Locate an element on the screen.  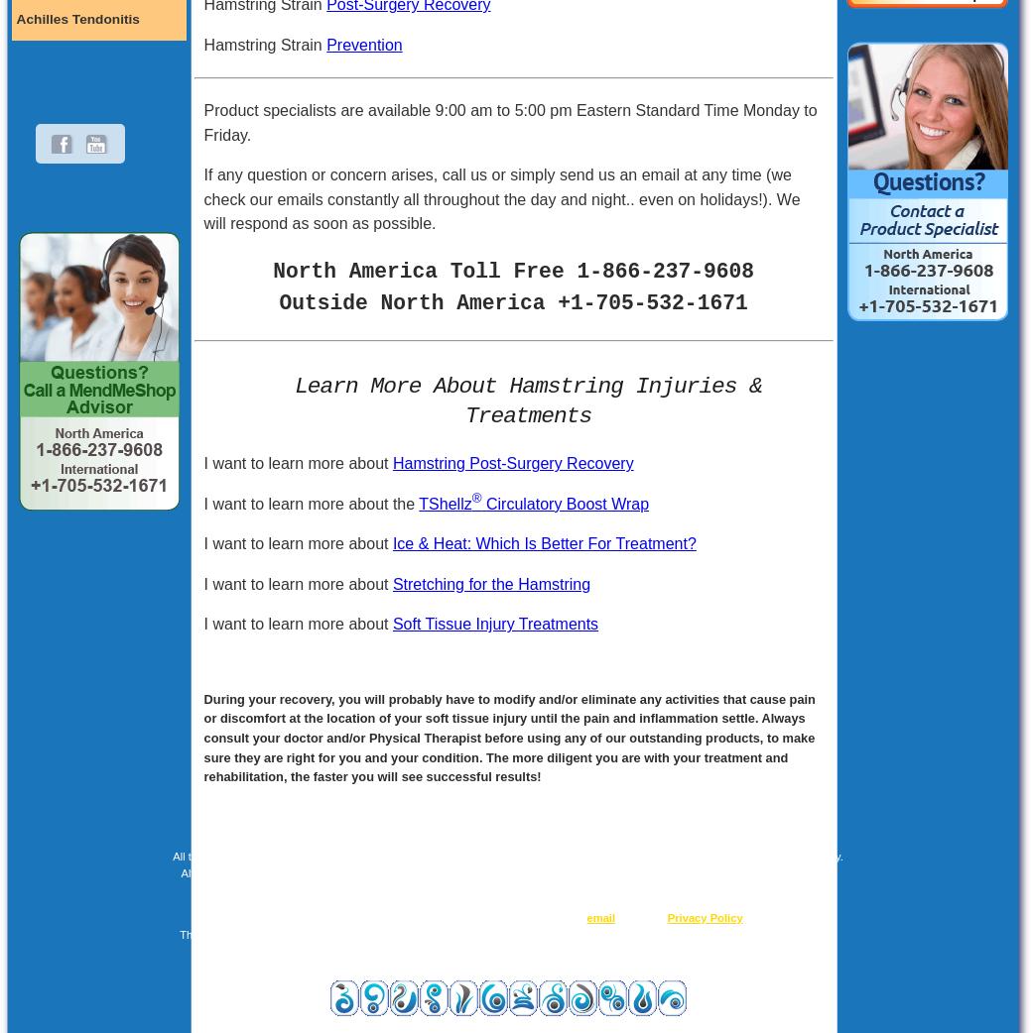
'are registered trademarks of In.Genu Design Group Inc.' is located at coordinates (696, 934).